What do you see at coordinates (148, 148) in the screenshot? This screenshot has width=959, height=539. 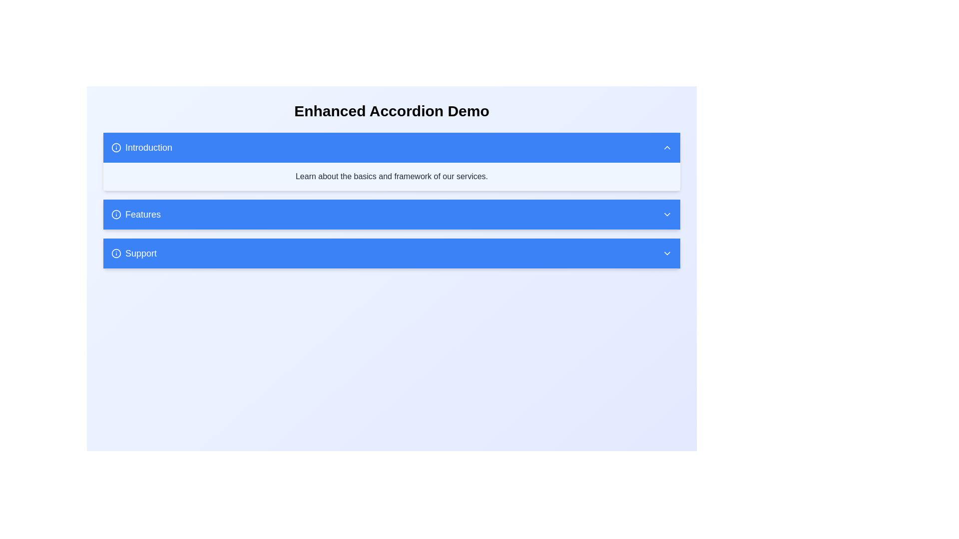 I see `the text label displaying 'Introduction' for accessibility navigation` at bounding box center [148, 148].